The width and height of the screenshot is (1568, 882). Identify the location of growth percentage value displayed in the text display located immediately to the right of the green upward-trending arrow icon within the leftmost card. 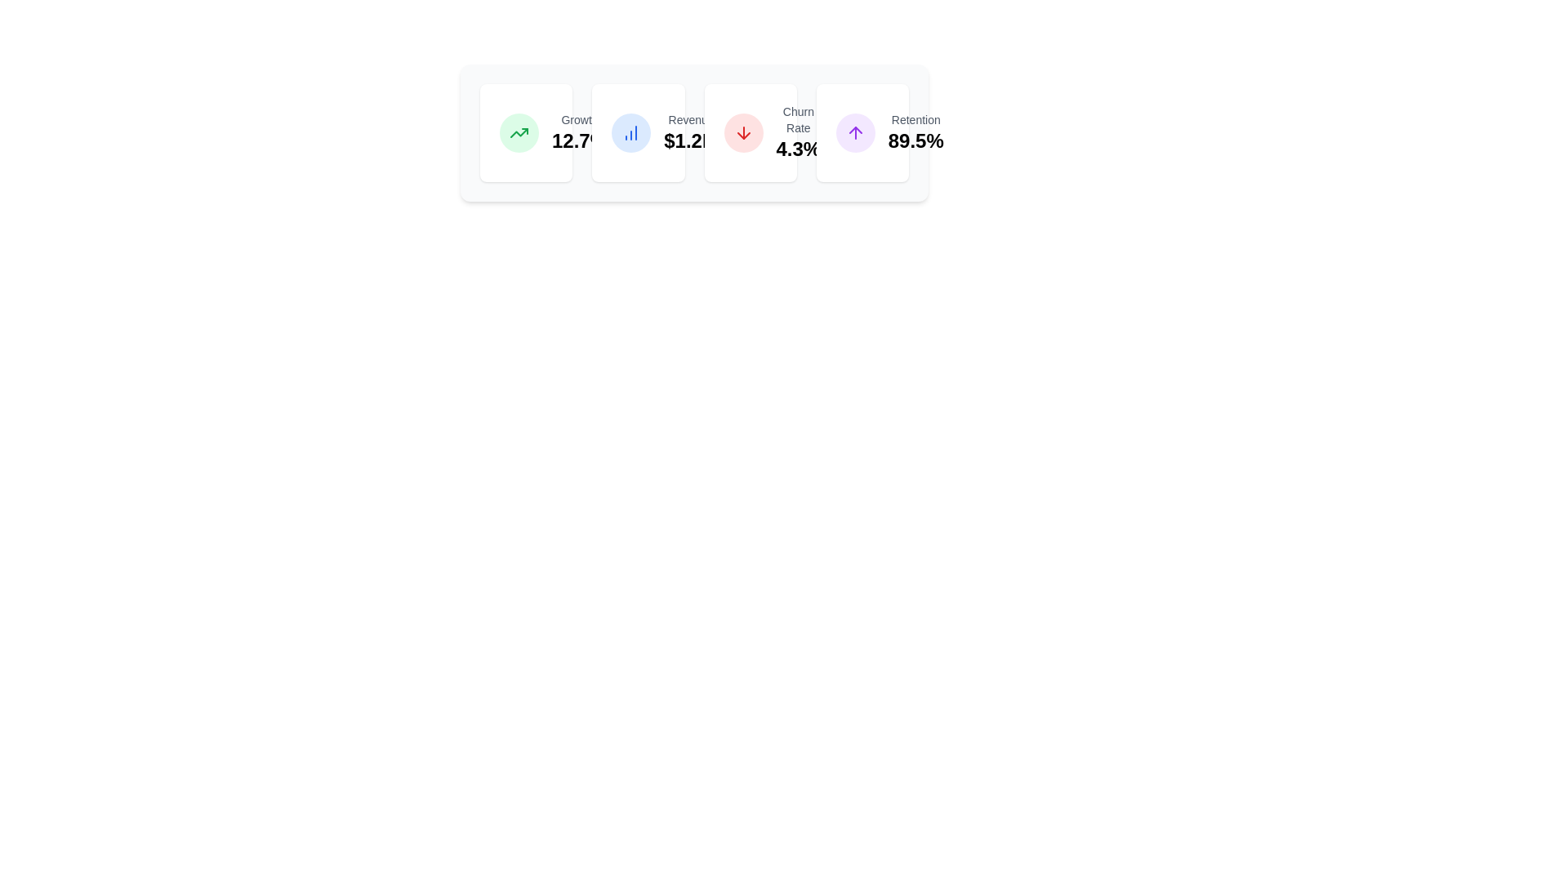
(580, 131).